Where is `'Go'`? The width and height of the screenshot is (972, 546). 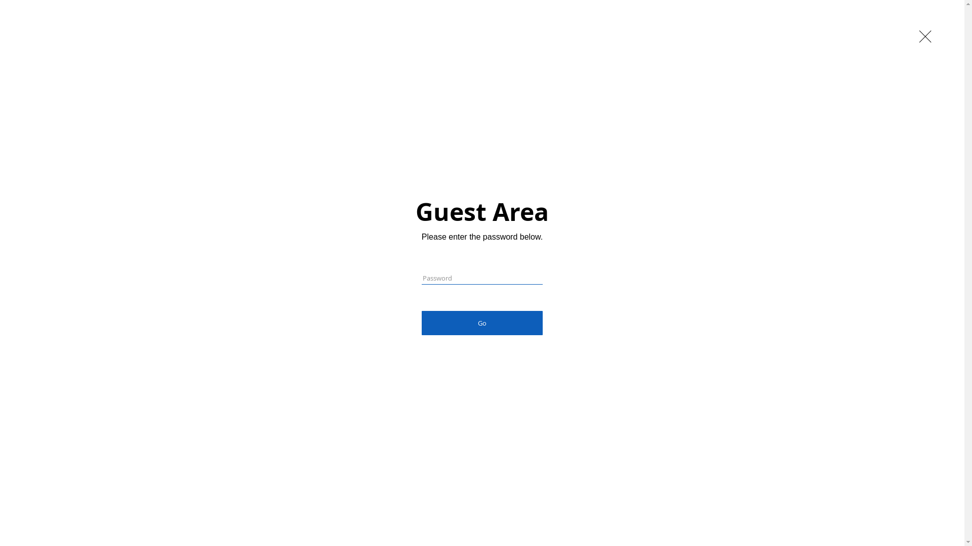
'Go' is located at coordinates (422, 323).